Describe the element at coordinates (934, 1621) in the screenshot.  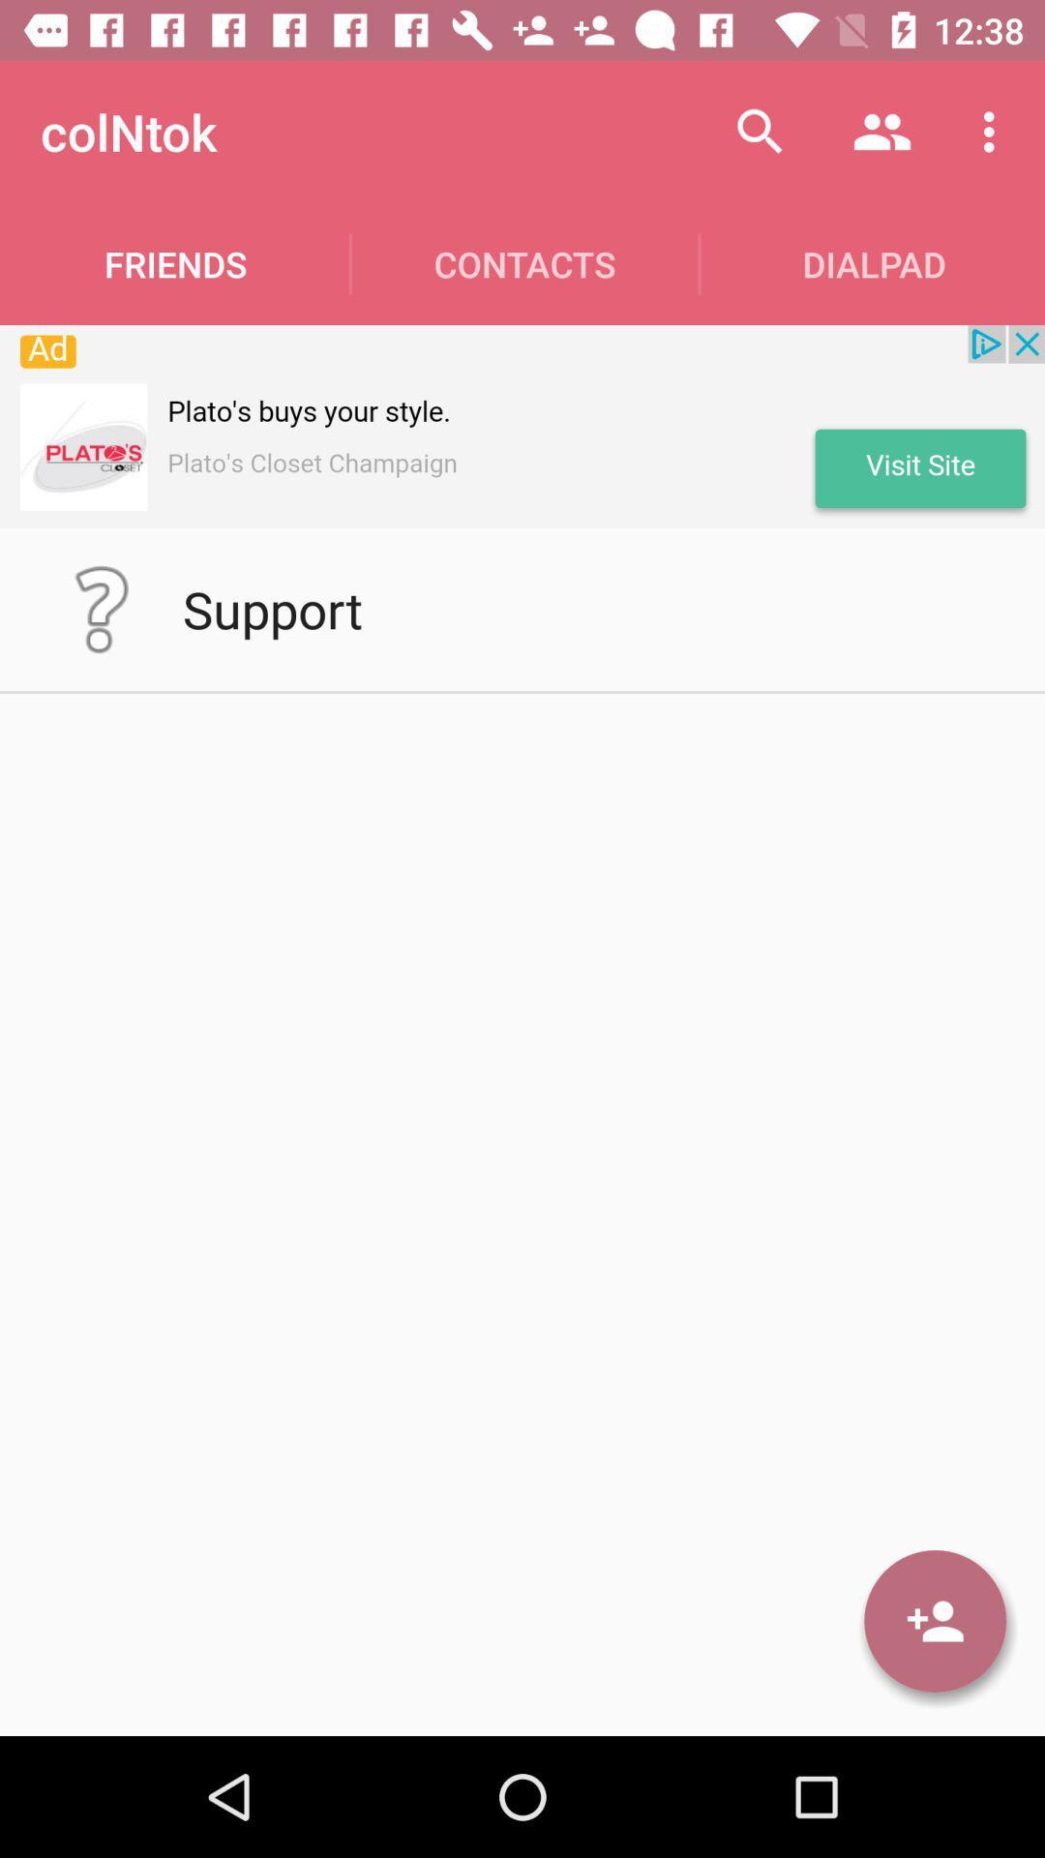
I see `friend` at that location.